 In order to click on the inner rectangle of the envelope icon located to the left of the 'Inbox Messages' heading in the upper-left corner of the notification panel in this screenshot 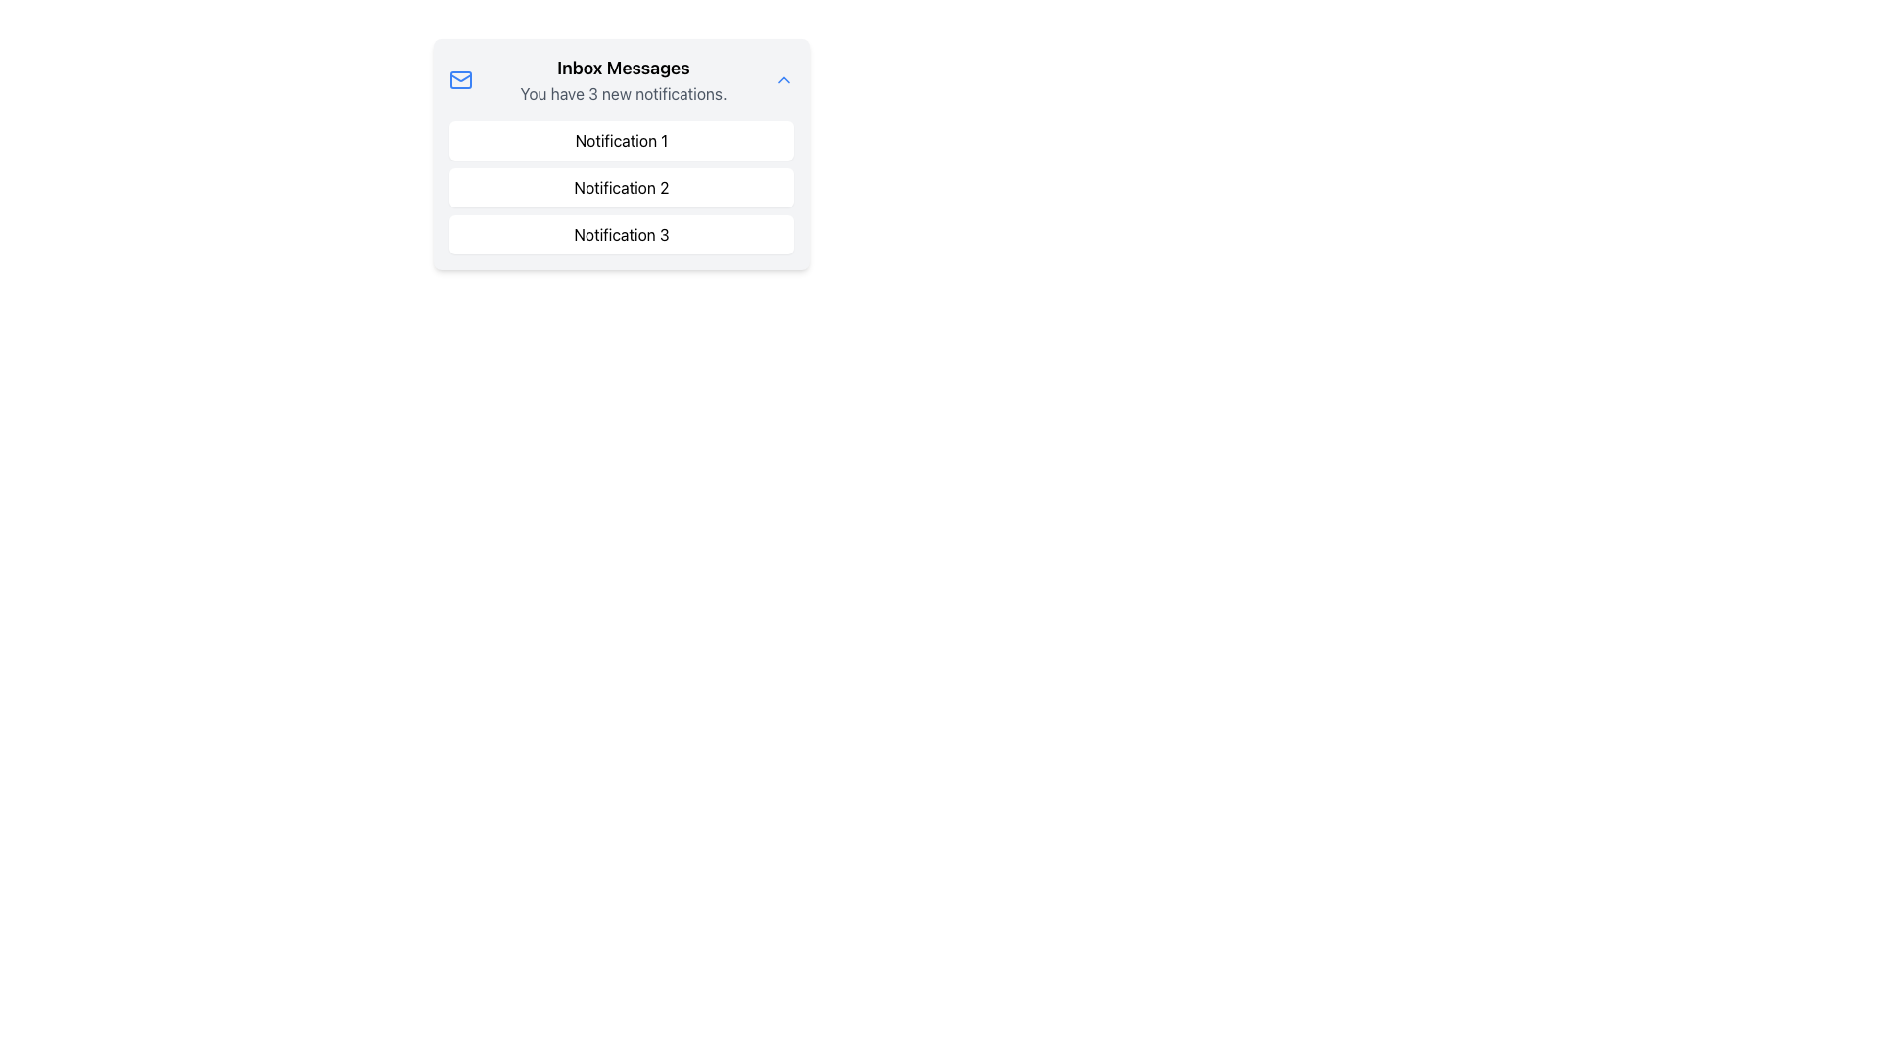, I will do `click(459, 78)`.